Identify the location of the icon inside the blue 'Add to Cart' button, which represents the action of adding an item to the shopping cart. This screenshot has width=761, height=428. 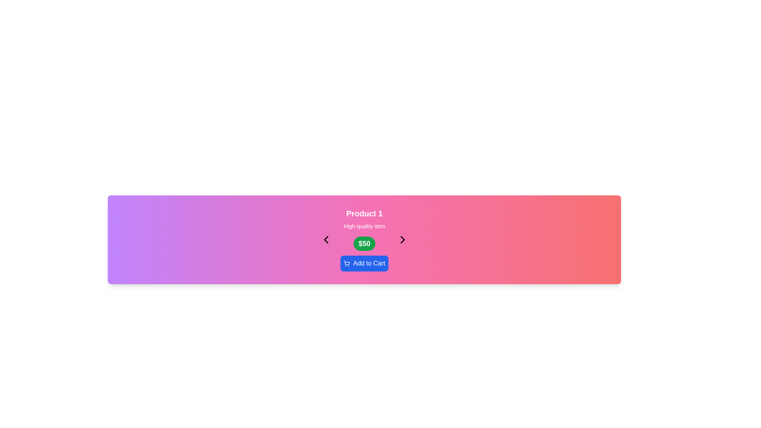
(346, 263).